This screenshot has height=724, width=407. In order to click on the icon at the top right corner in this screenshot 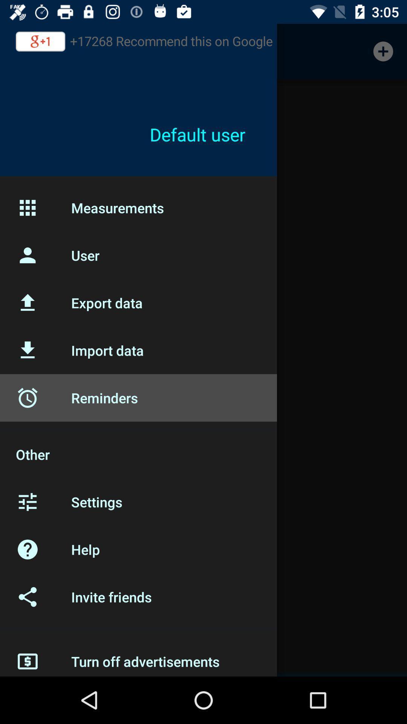, I will do `click(383, 51)`.